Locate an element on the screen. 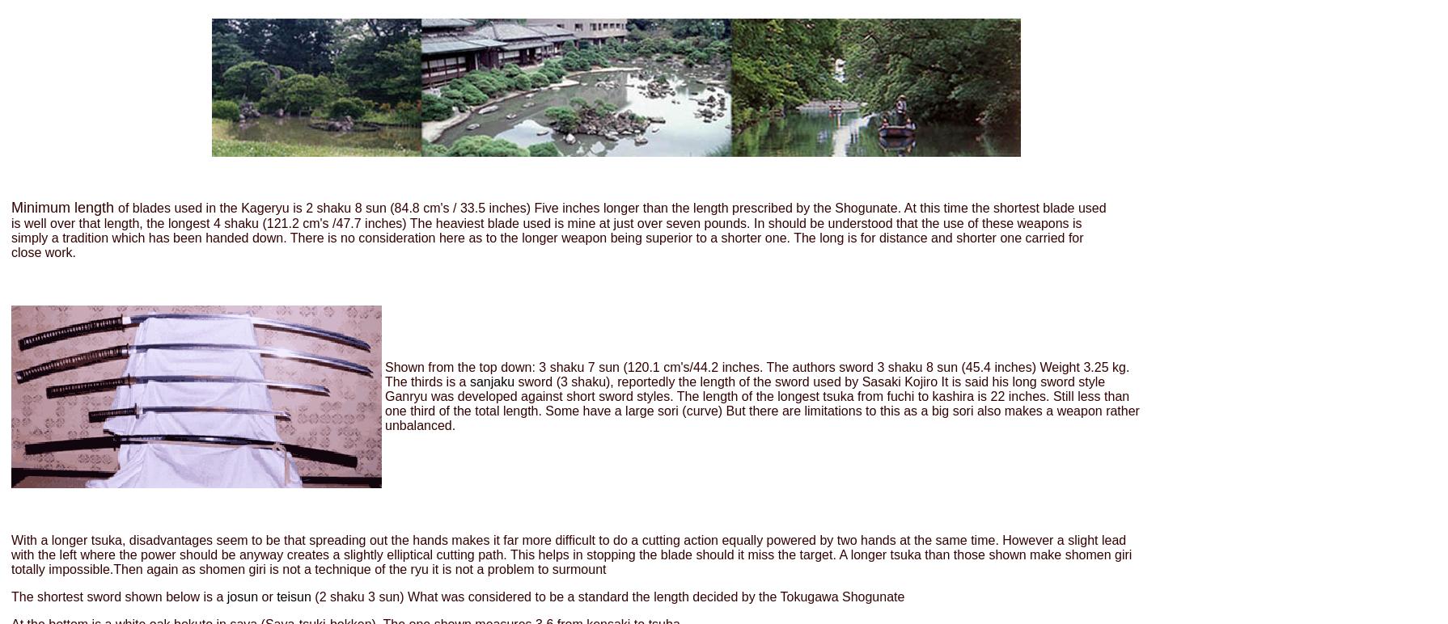  'or' is located at coordinates (257, 596).